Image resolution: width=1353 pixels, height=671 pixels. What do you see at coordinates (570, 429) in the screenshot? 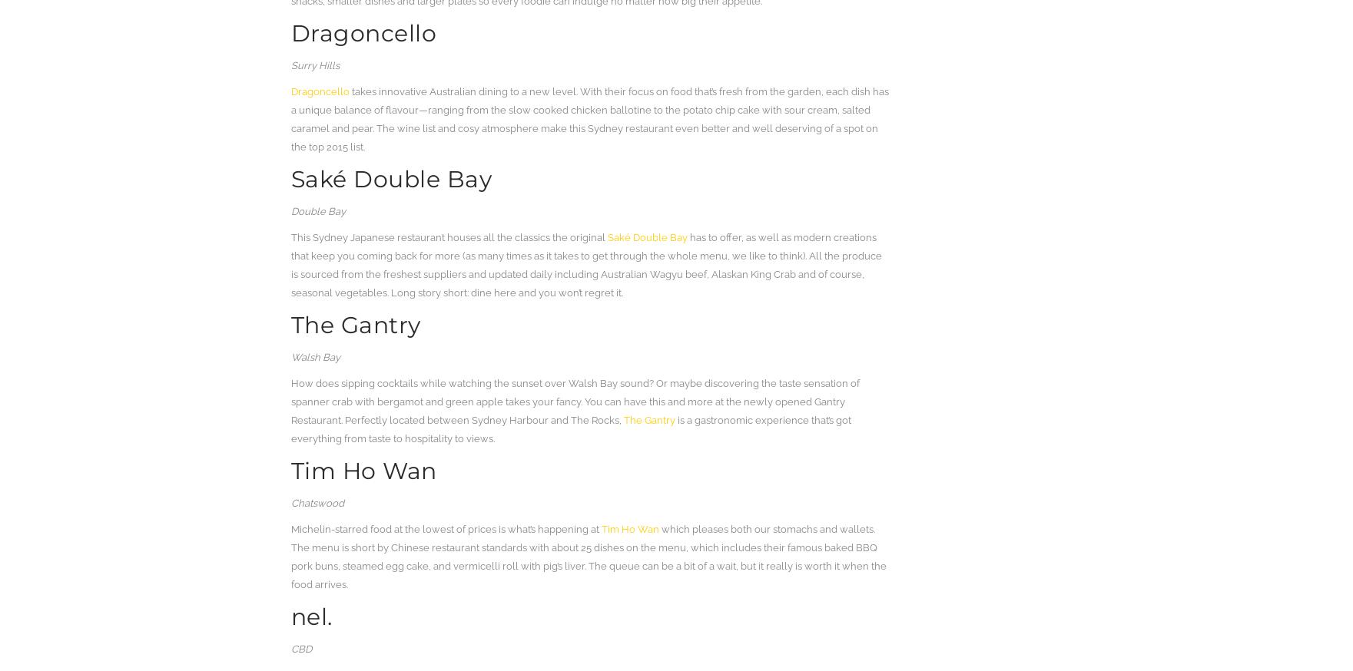
I see `'is a gastronomic experience that’s got everything from taste to hospitality to views.'` at bounding box center [570, 429].